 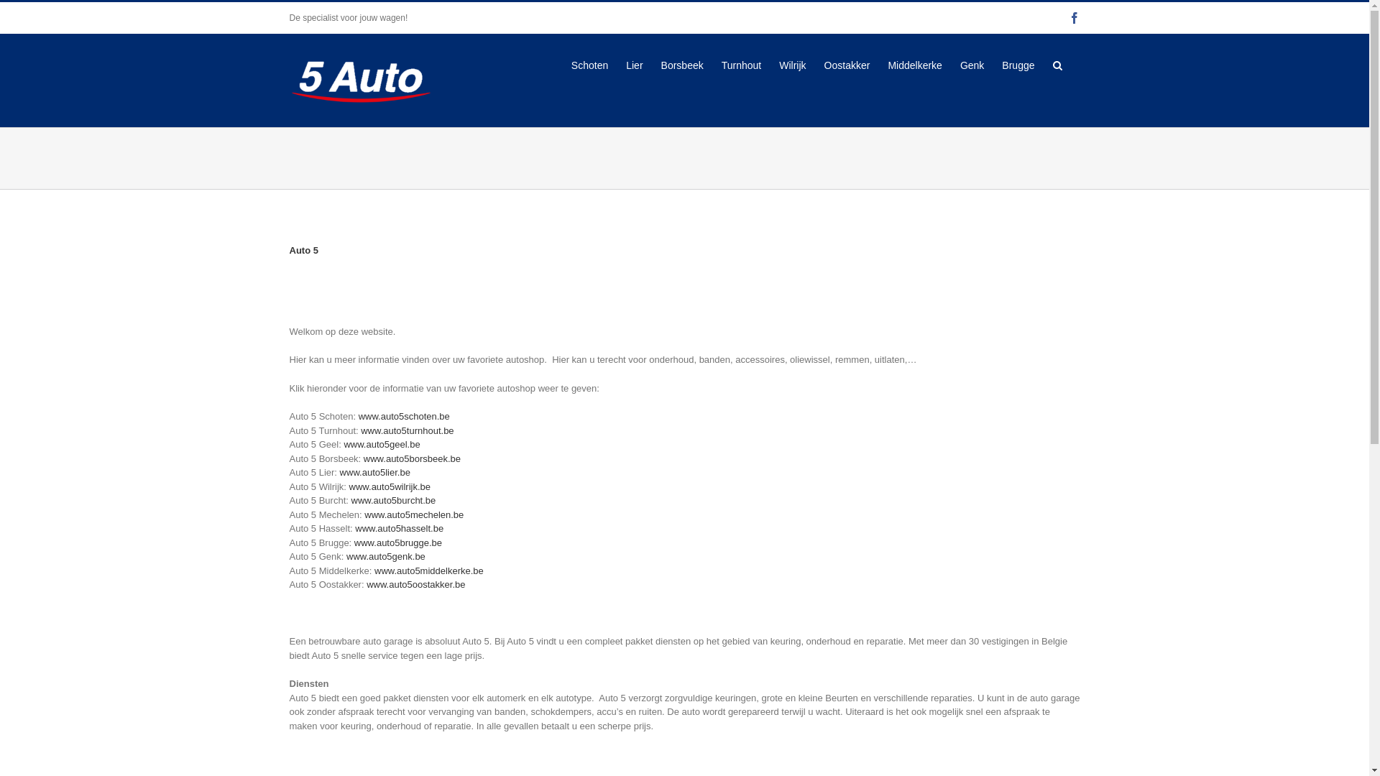 What do you see at coordinates (399, 528) in the screenshot?
I see `'www.auto5hasselt.be'` at bounding box center [399, 528].